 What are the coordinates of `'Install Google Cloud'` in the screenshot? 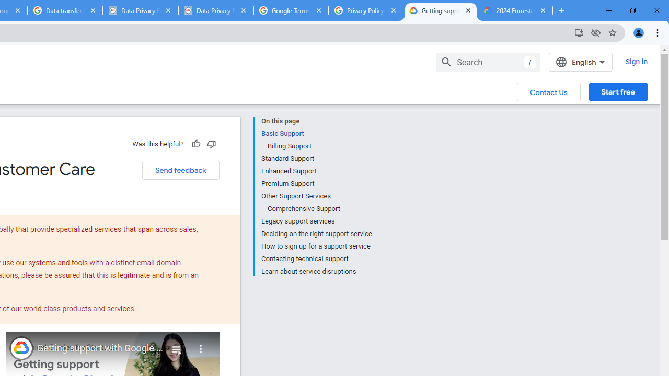 It's located at (578, 32).